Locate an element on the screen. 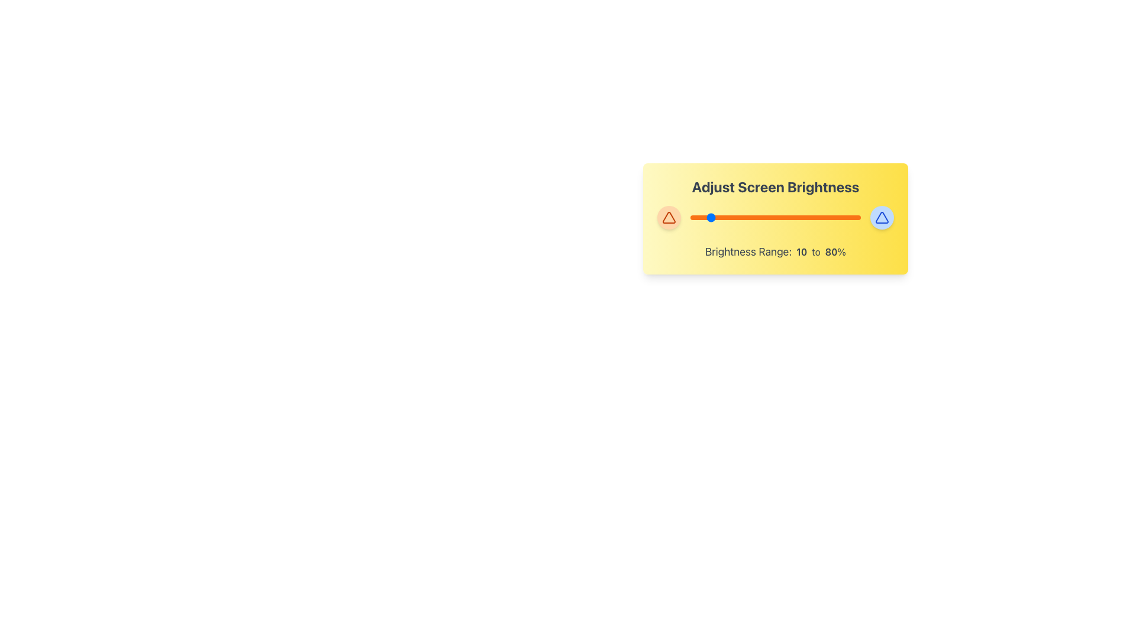 This screenshot has width=1136, height=639. the text element displaying 'to', which is located between the numeric values 10 and 80 in the brightness range text is located at coordinates (815, 251).